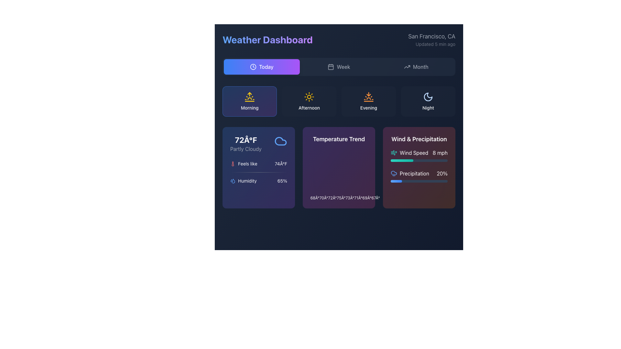 The image size is (621, 349). What do you see at coordinates (324, 198) in the screenshot?
I see `the Text Display element showing '70°', which is located at the bottom of the 'Temperature Trend' card with a light-colored text on a dark background` at bounding box center [324, 198].